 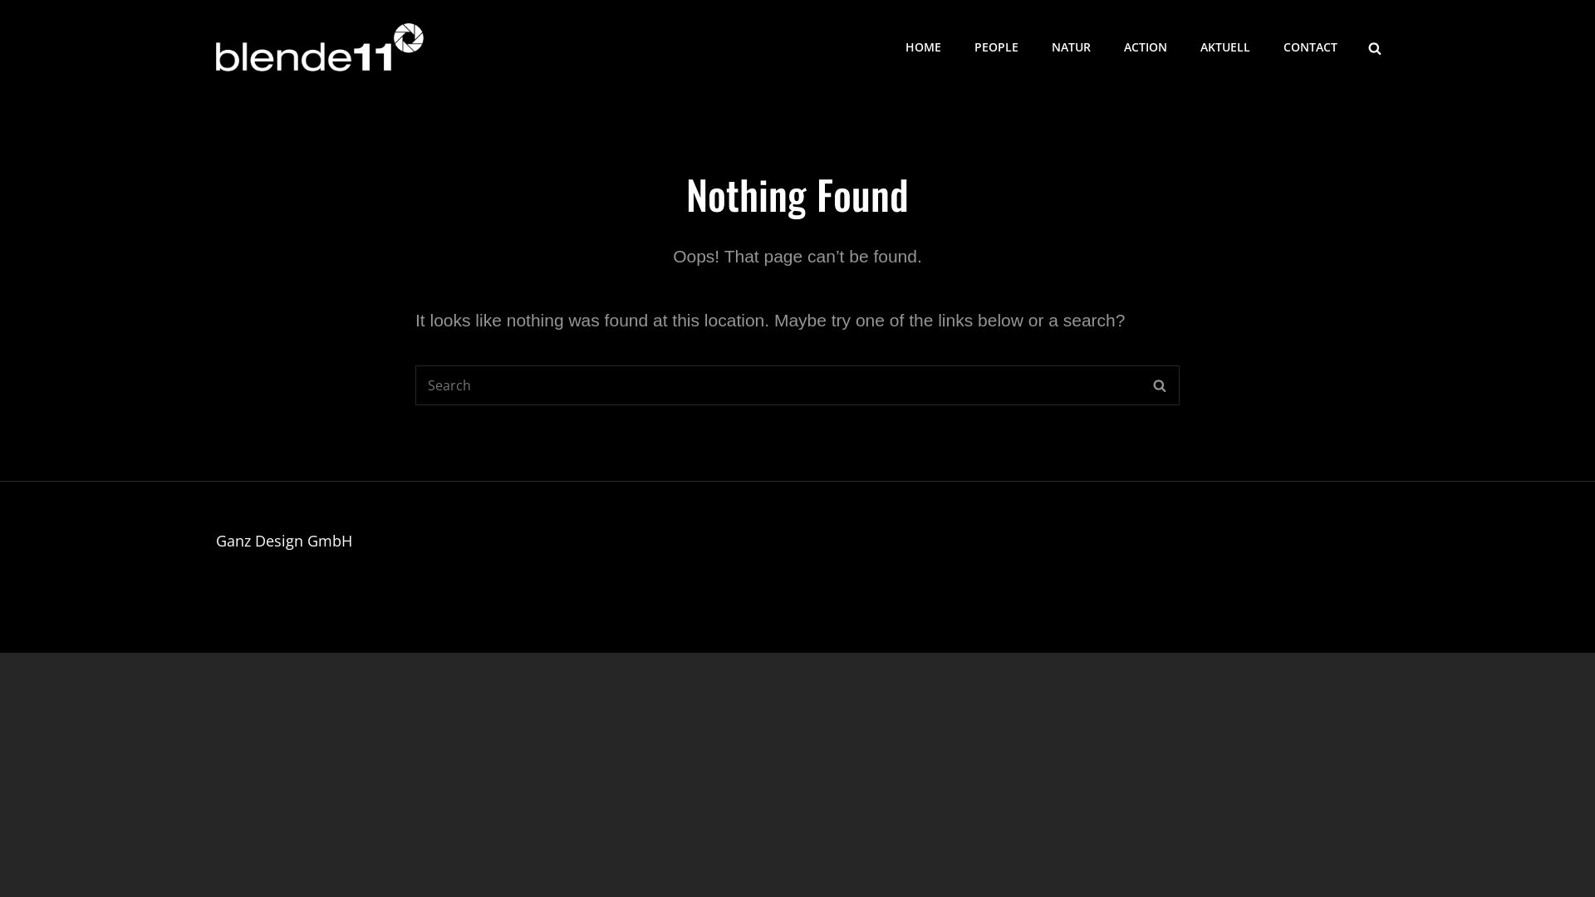 I want to click on 'ACTION', so click(x=1144, y=47).